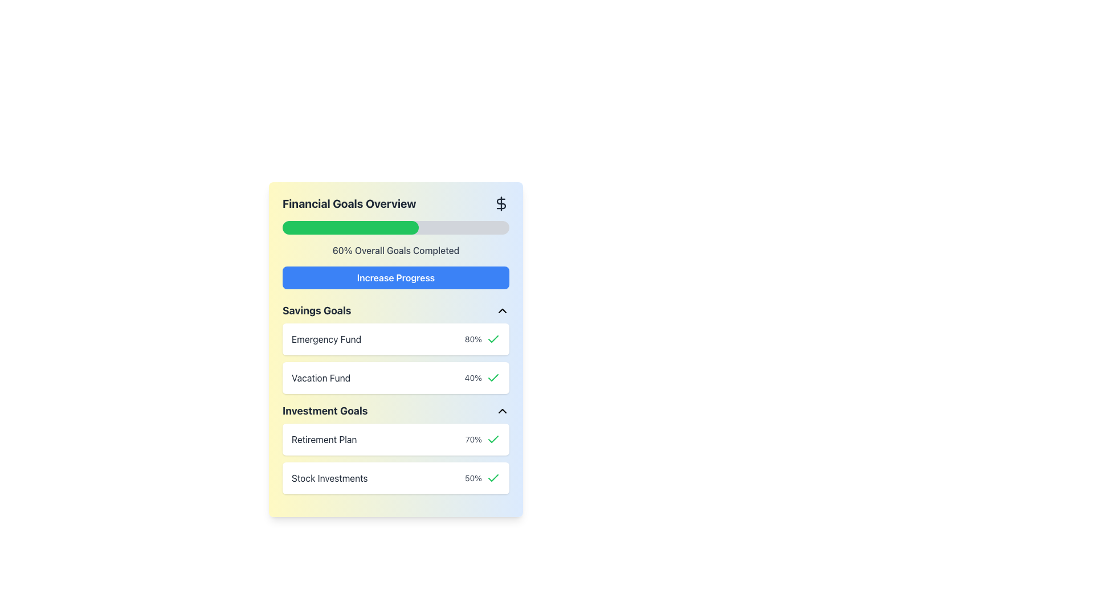  I want to click on the green checkmark icon that indicates a completed state, located next to '80%' and the label 'Emergency Fund' in the 'Savings Goals' section, so click(493, 478).